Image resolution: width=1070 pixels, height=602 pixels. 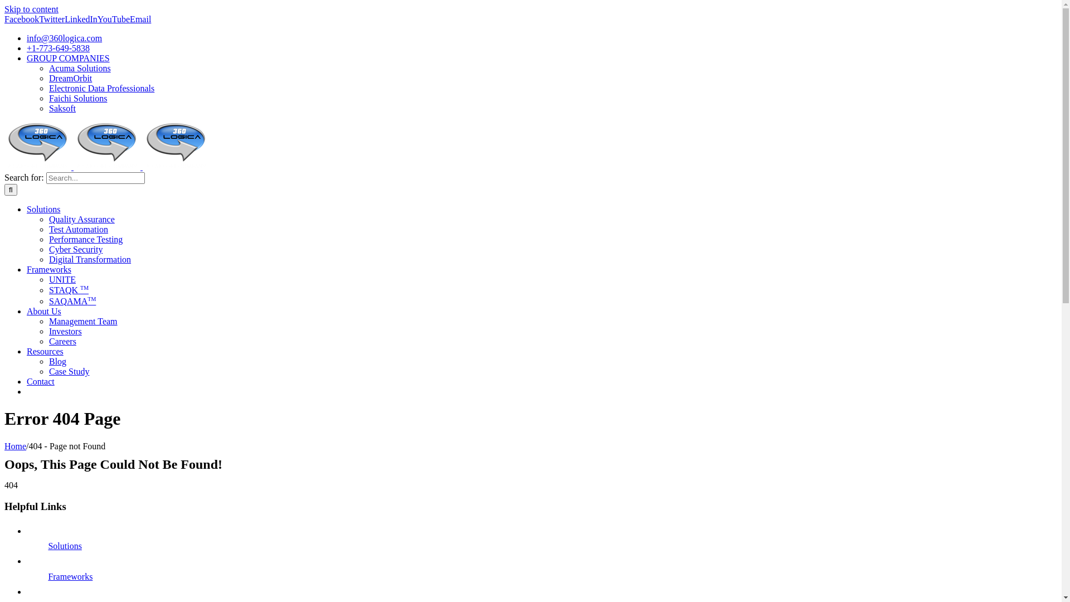 What do you see at coordinates (82, 321) in the screenshot?
I see `'Management Team'` at bounding box center [82, 321].